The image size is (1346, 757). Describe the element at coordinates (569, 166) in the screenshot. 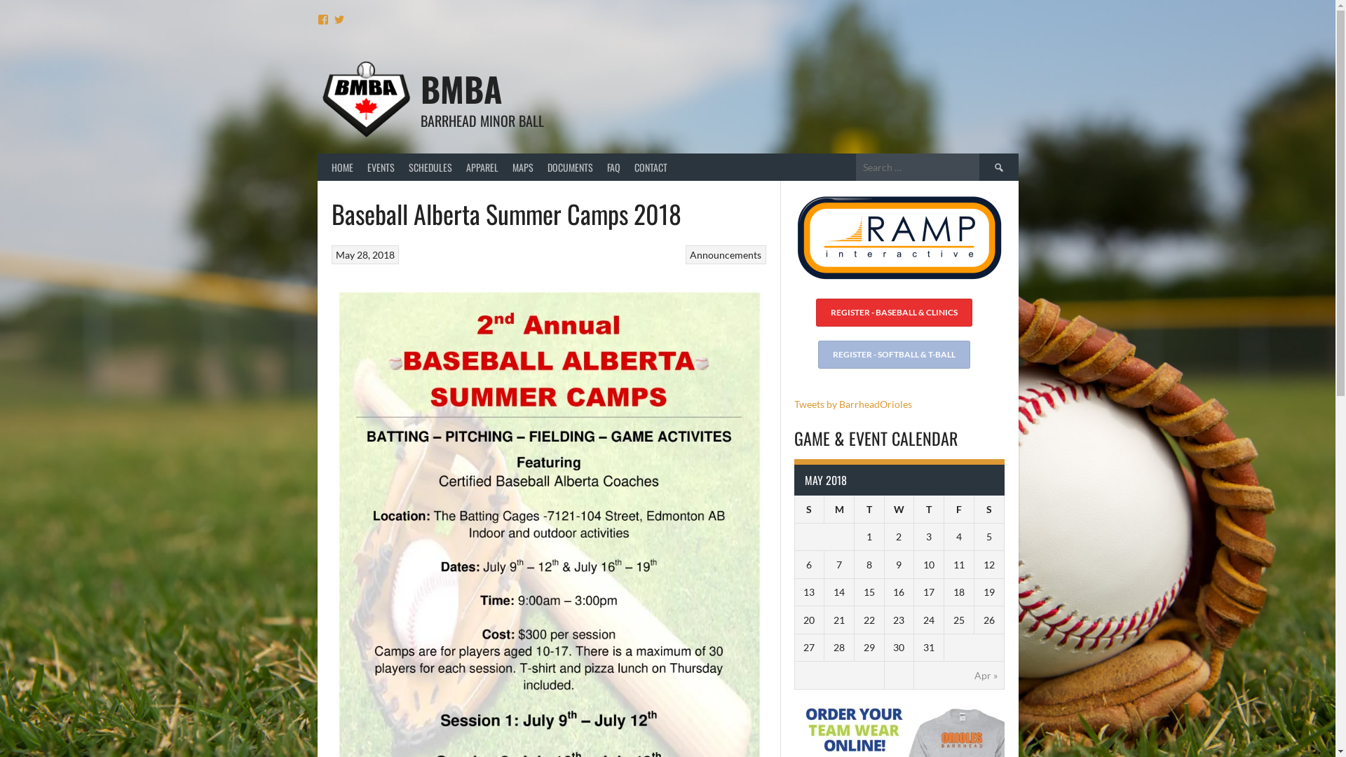

I see `'DOCUMENTS'` at that location.